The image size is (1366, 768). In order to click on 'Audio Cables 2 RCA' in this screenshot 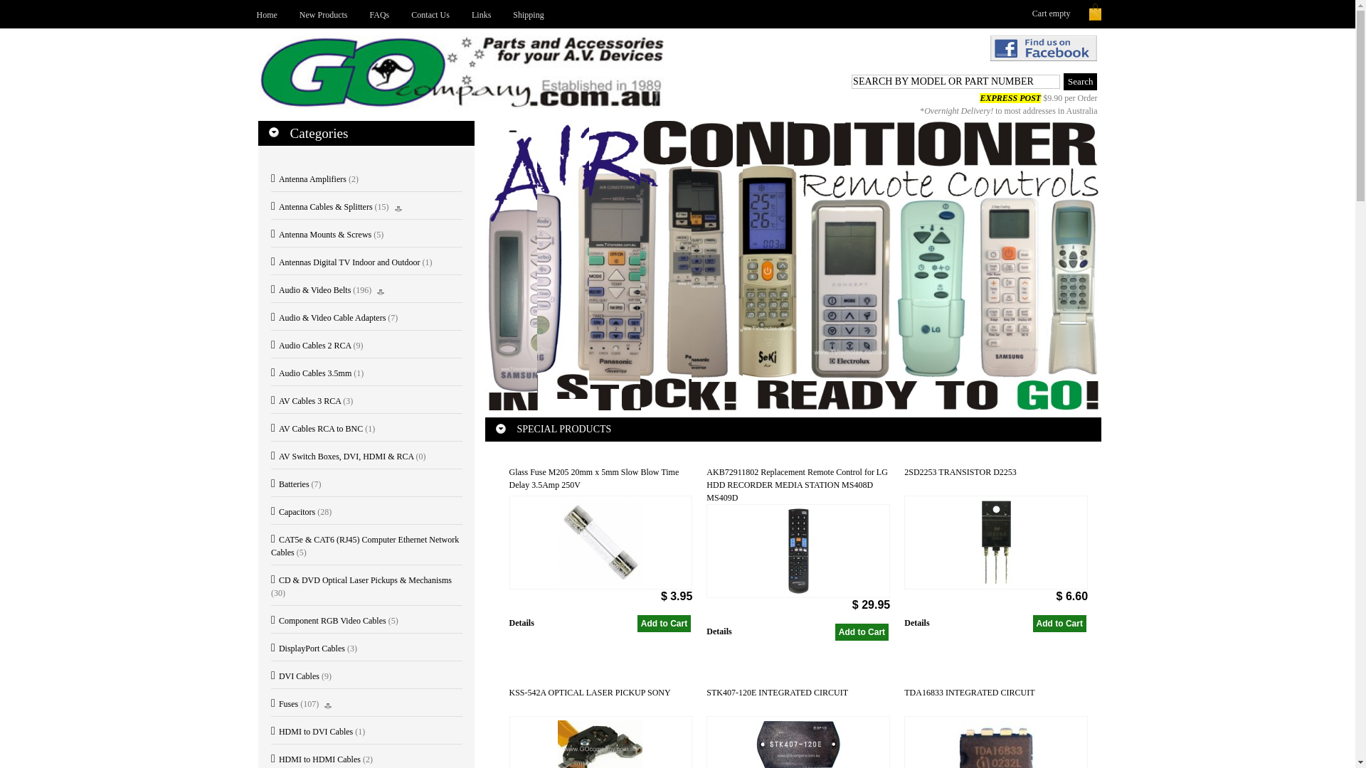, I will do `click(310, 346)`.